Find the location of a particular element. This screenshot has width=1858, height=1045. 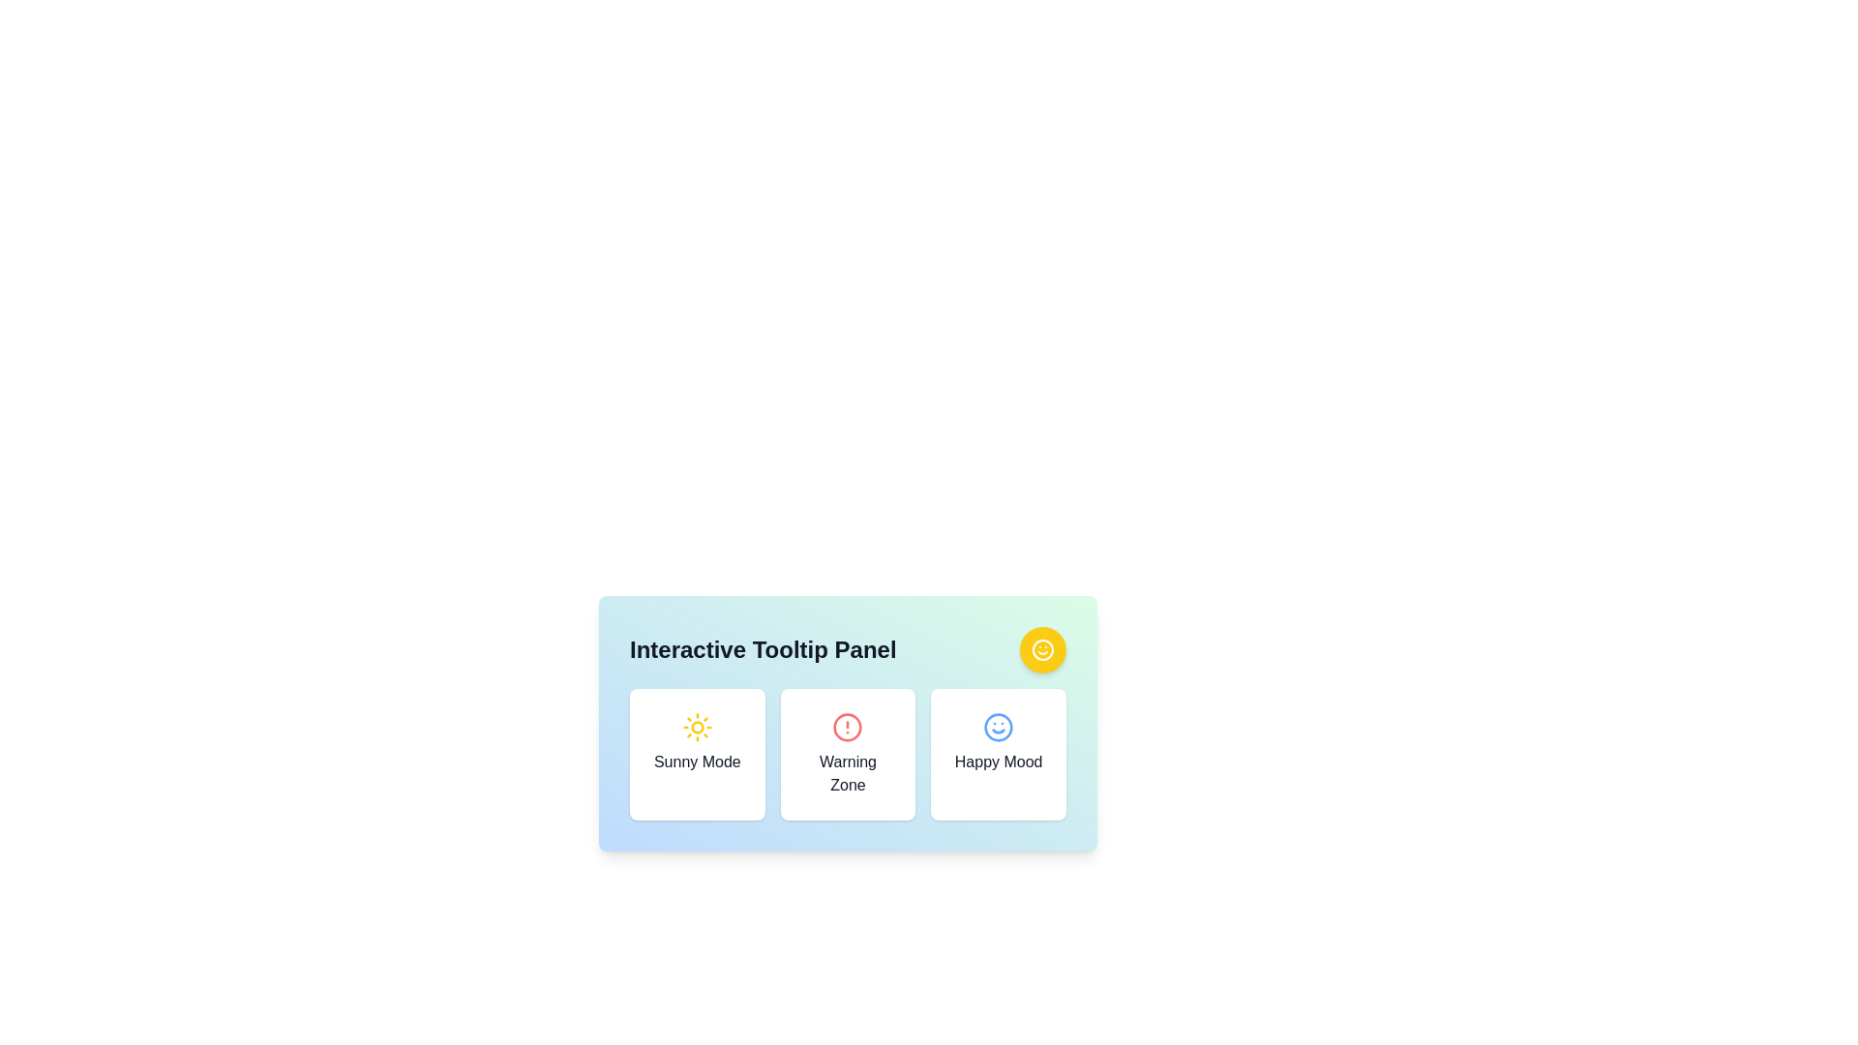

the text label displaying 'Happy Mood' located at the bottom of the rightmost card in a three-card row on a light-colored panel is located at coordinates (999, 761).